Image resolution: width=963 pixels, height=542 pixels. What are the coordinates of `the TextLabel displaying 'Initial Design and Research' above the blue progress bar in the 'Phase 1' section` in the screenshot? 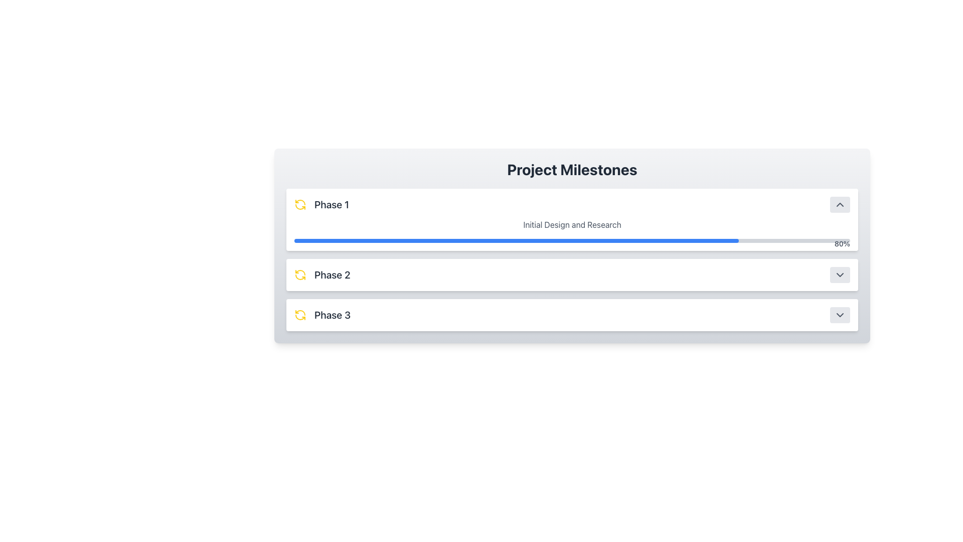 It's located at (572, 224).